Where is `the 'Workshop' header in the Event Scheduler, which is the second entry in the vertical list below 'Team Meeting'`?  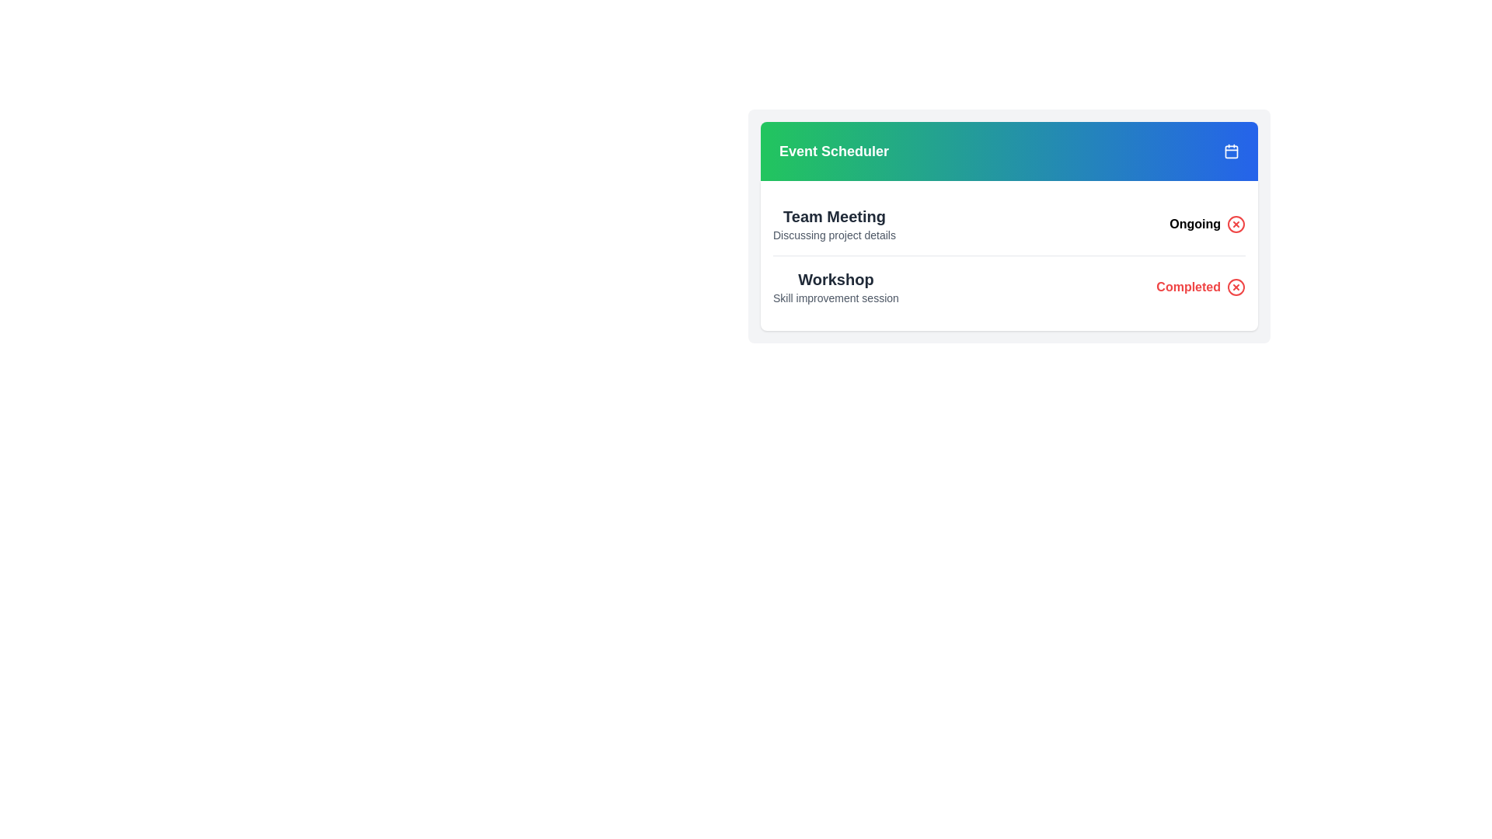
the 'Workshop' header in the Event Scheduler, which is the second entry in the vertical list below 'Team Meeting' is located at coordinates (835, 287).